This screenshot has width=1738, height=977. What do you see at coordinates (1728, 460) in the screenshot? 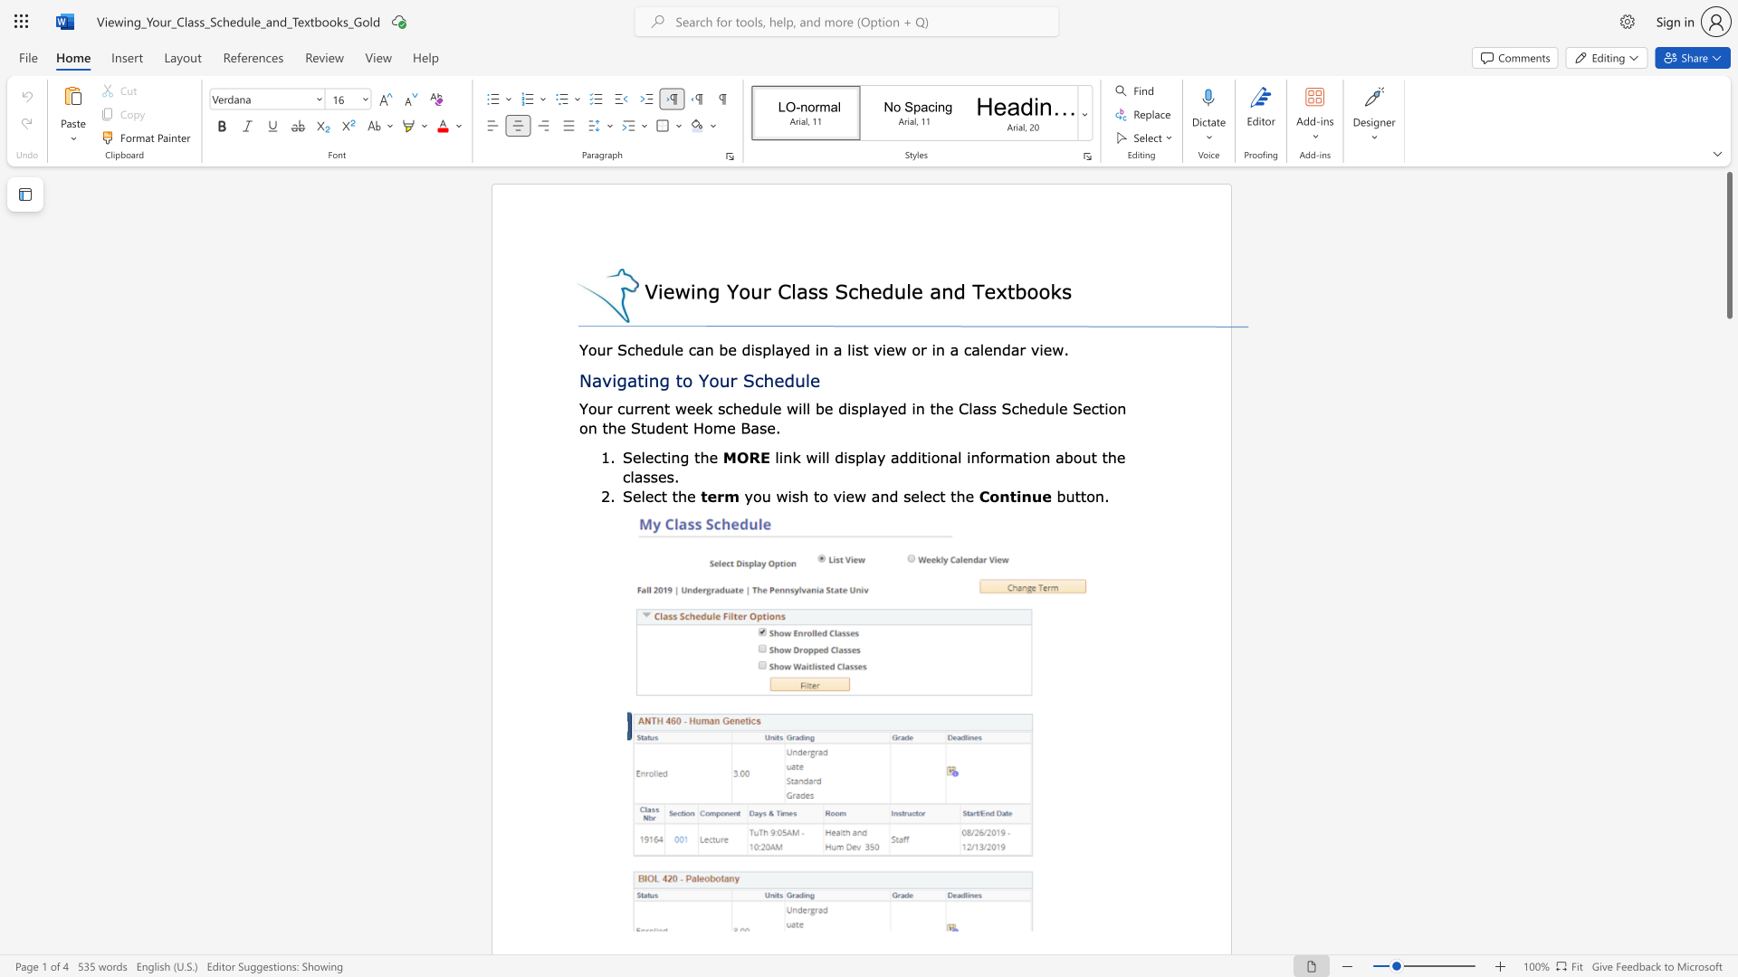
I see `the vertical scrollbar to lower the page content` at bounding box center [1728, 460].